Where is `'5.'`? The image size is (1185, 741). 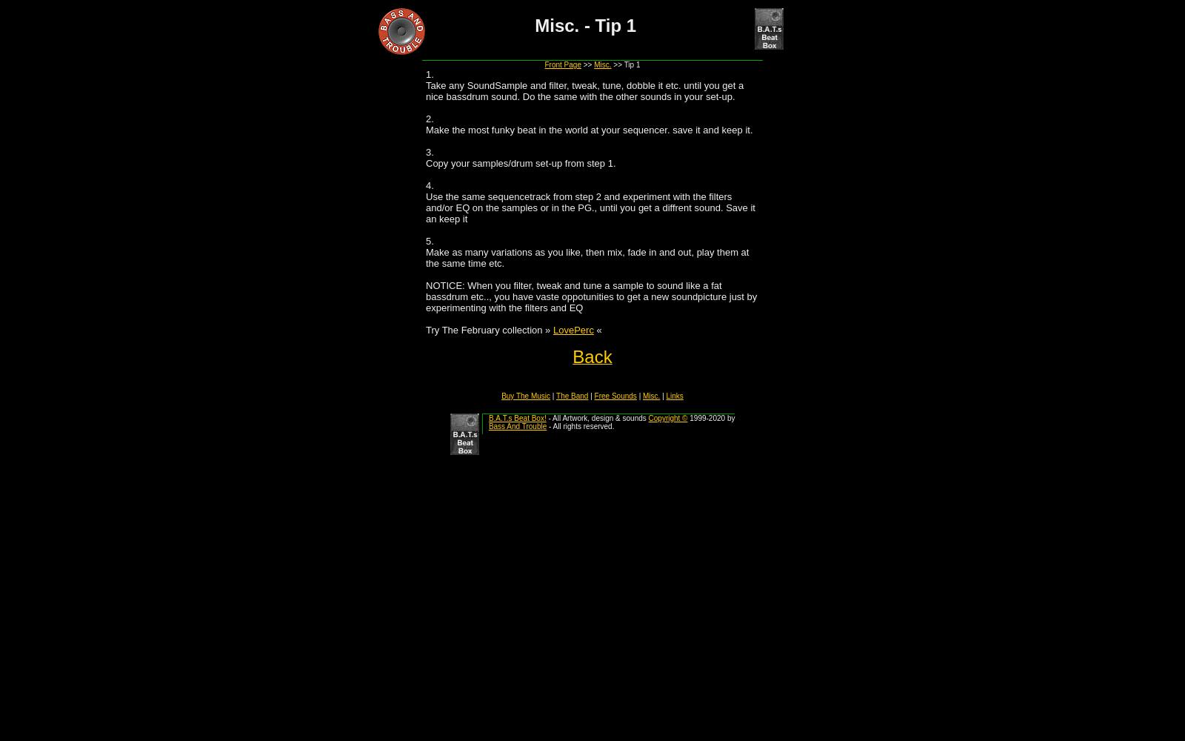 '5.' is located at coordinates (429, 240).